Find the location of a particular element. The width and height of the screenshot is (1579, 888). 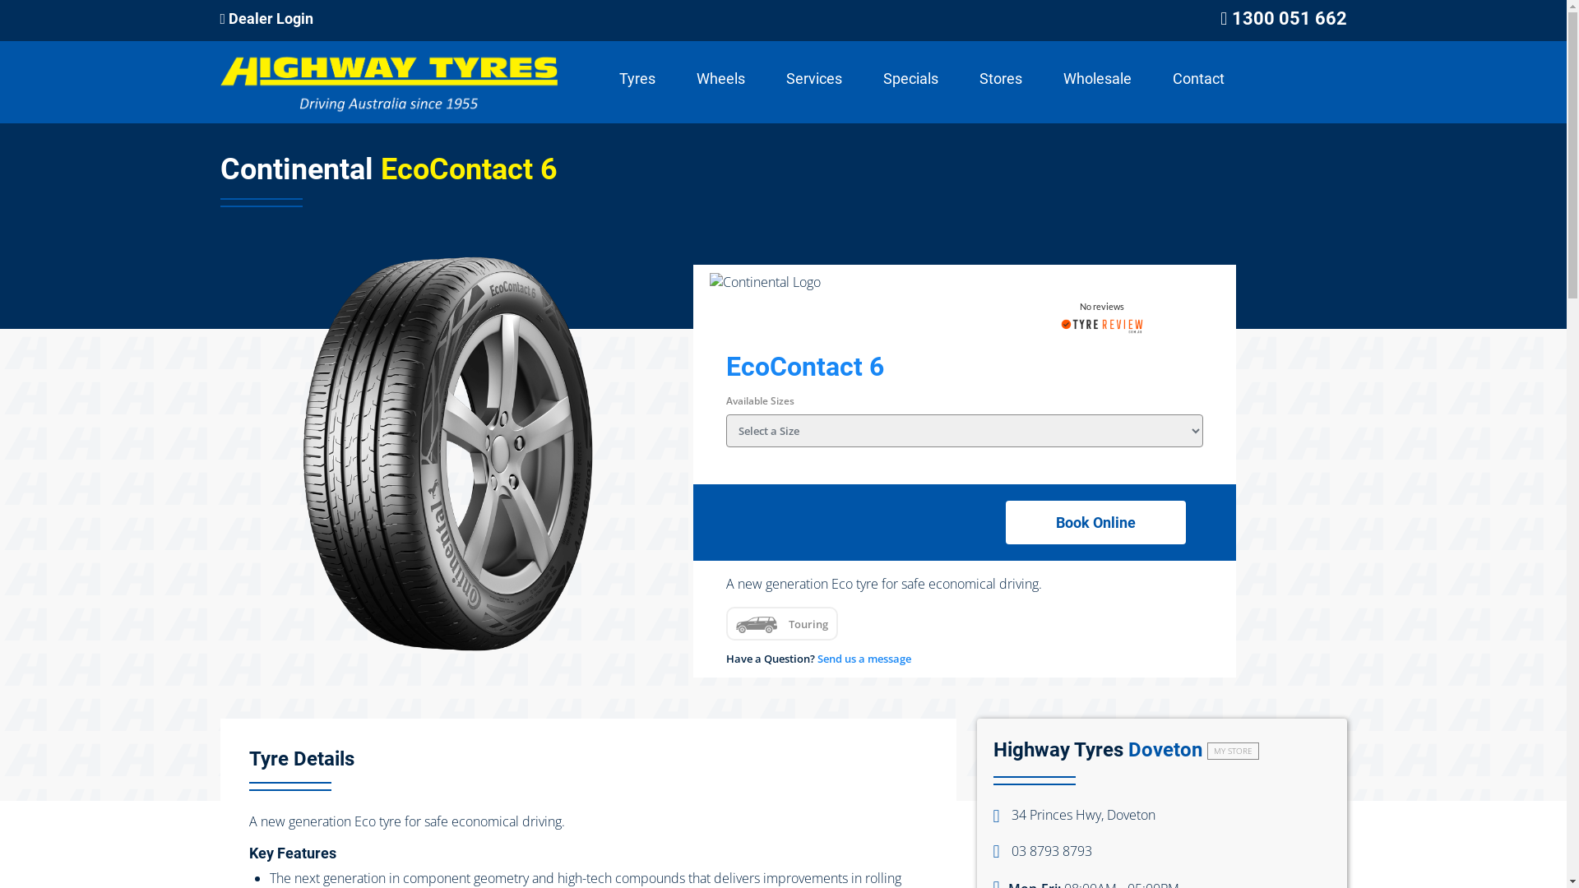

'1300 051 662' is located at coordinates (1289, 18).